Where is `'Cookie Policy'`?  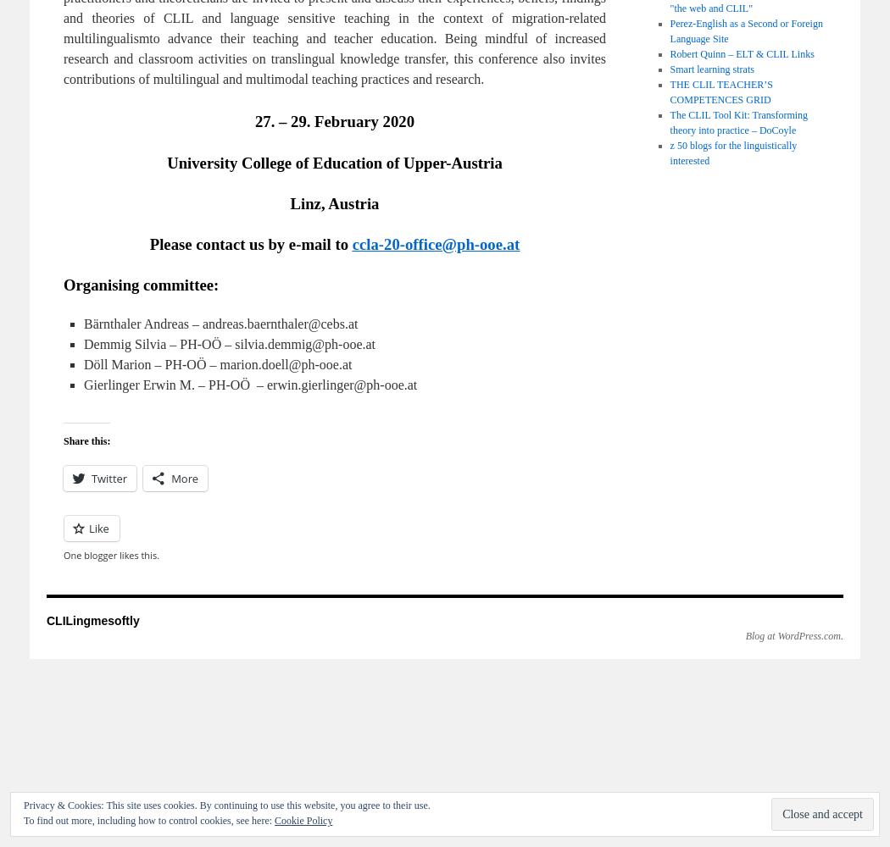
'Cookie Policy' is located at coordinates (303, 820).